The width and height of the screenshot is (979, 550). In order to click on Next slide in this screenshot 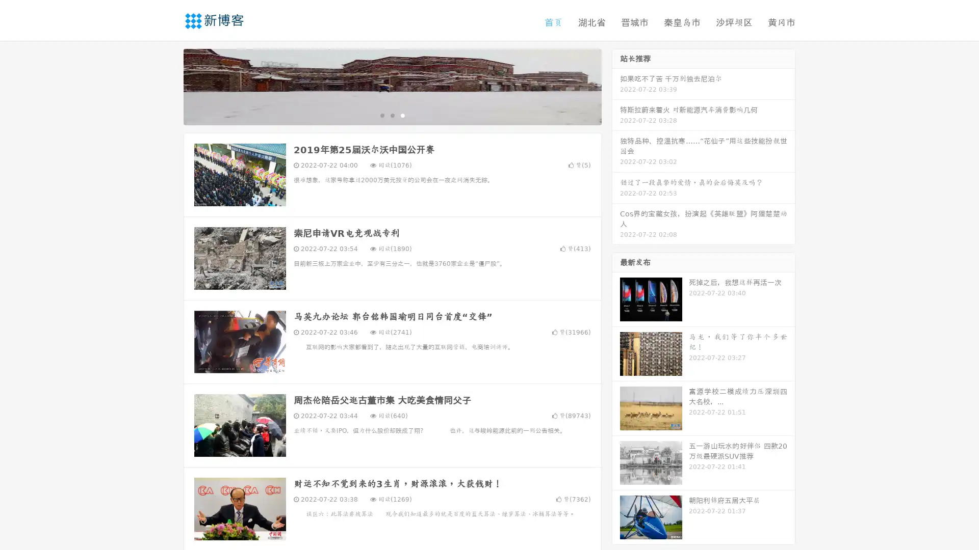, I will do `click(616, 86)`.